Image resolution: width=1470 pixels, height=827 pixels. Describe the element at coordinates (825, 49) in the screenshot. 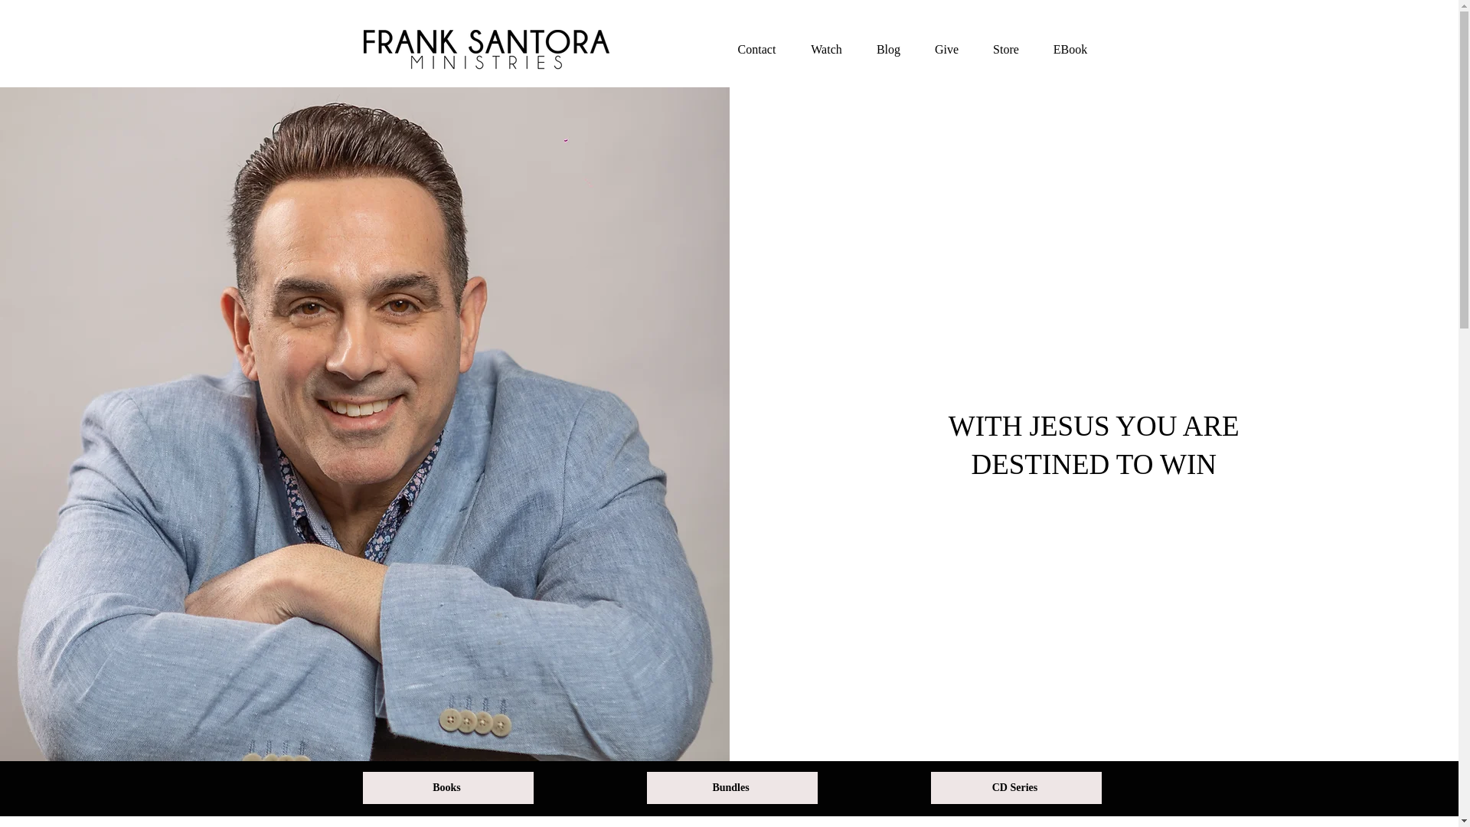

I see `'Watch'` at that location.